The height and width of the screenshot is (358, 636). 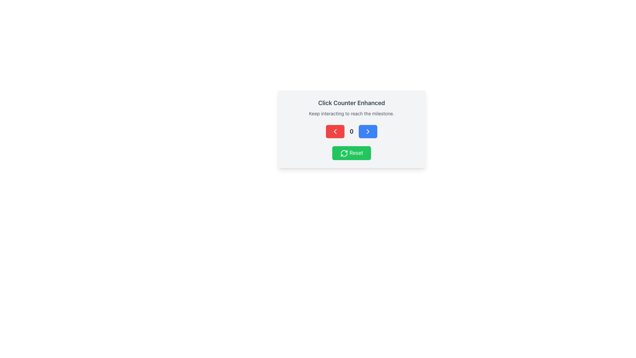 What do you see at coordinates (351, 129) in the screenshot?
I see `the buttons of the Interactive counter component` at bounding box center [351, 129].